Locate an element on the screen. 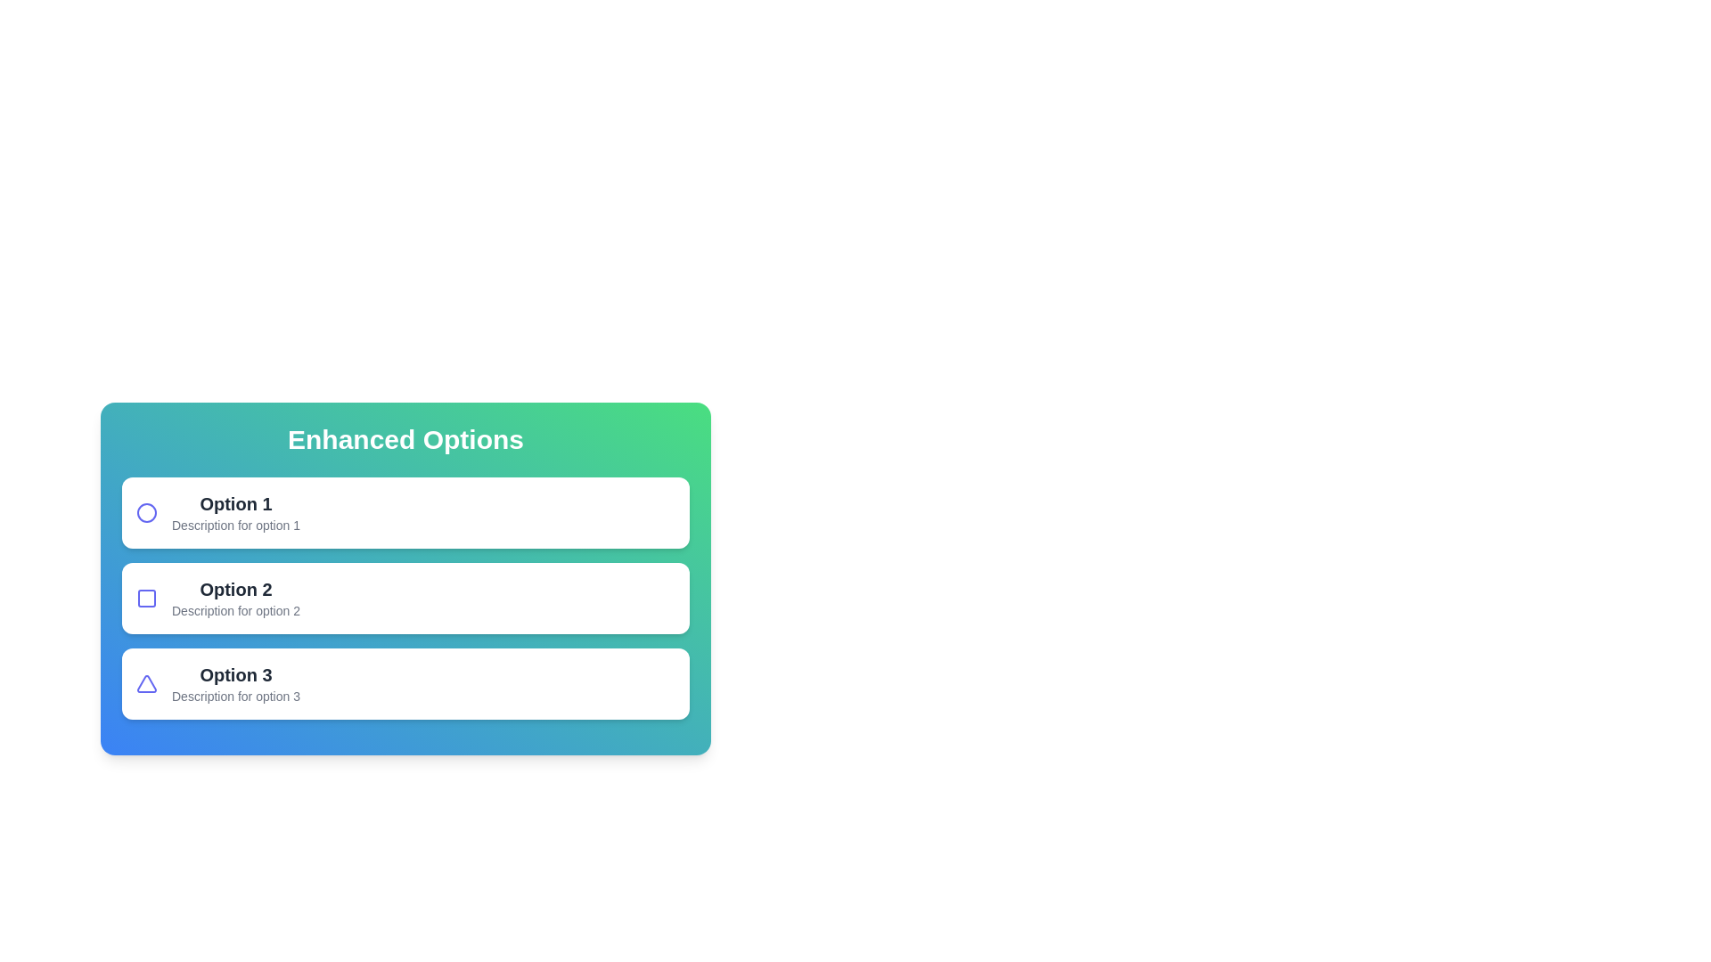  the text block titled 'Option 2' which includes the description 'Description for option 2' to interact with related elements is located at coordinates (234, 598).